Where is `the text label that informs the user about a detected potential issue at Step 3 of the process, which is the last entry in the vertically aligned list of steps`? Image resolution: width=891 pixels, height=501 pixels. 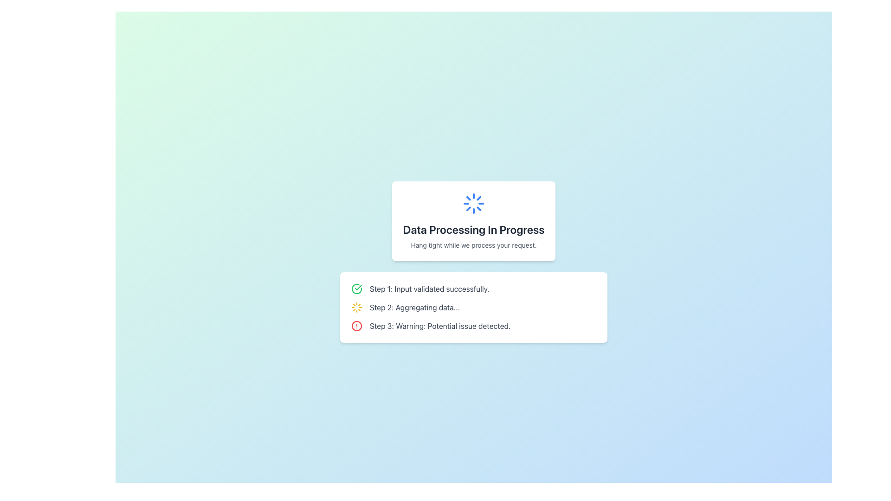 the text label that informs the user about a detected potential issue at Step 3 of the process, which is the last entry in the vertically aligned list of steps is located at coordinates (439, 325).